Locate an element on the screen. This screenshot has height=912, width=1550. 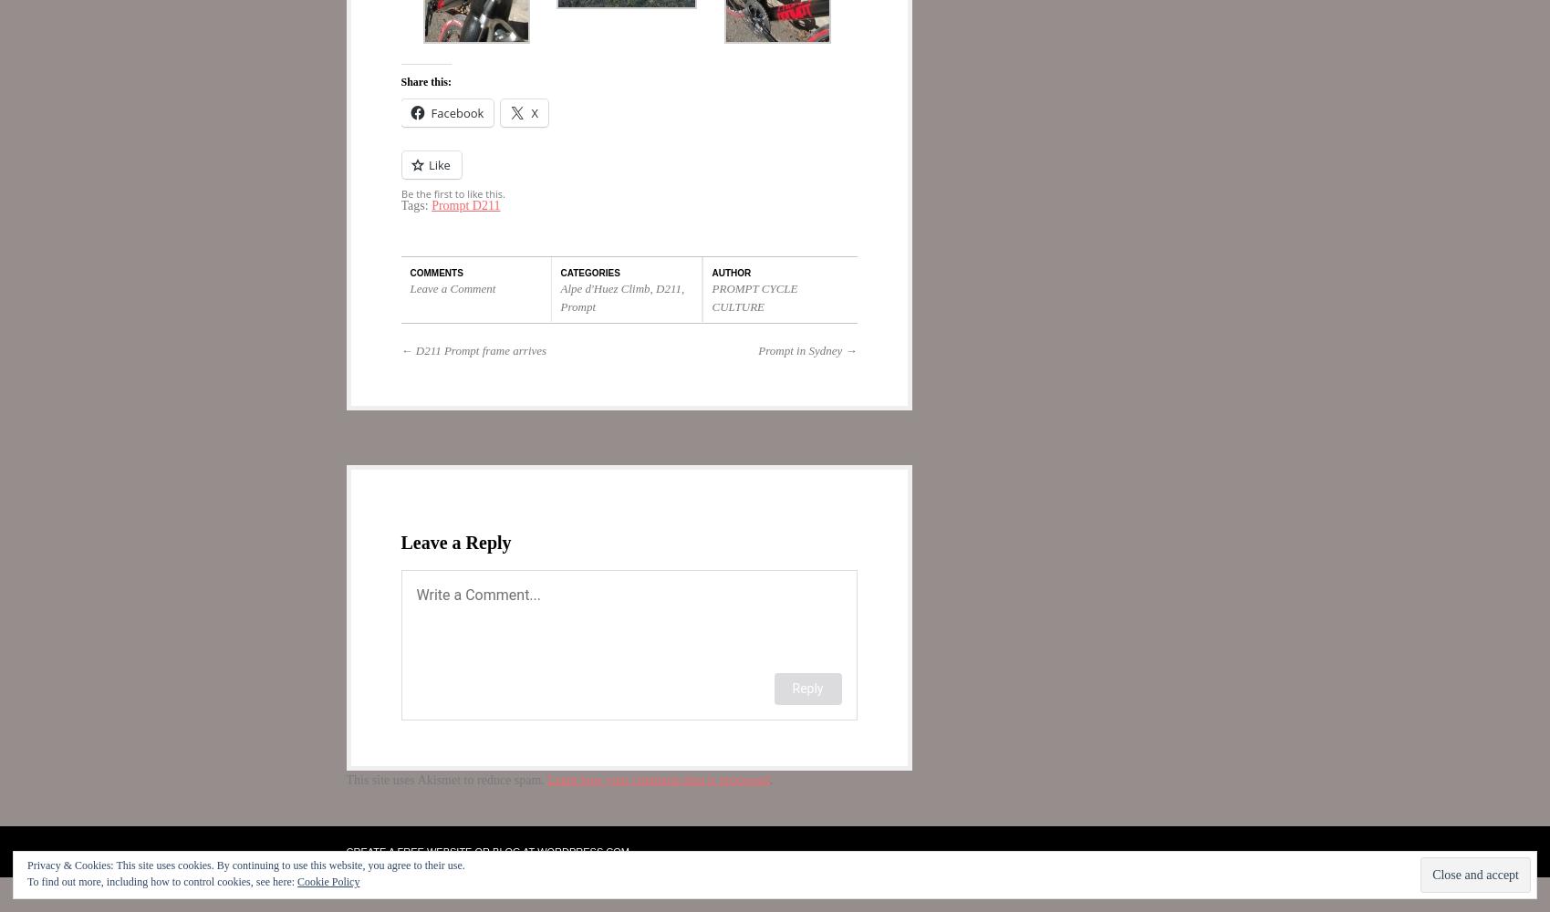
'Leave a Reply' is located at coordinates (401, 541).